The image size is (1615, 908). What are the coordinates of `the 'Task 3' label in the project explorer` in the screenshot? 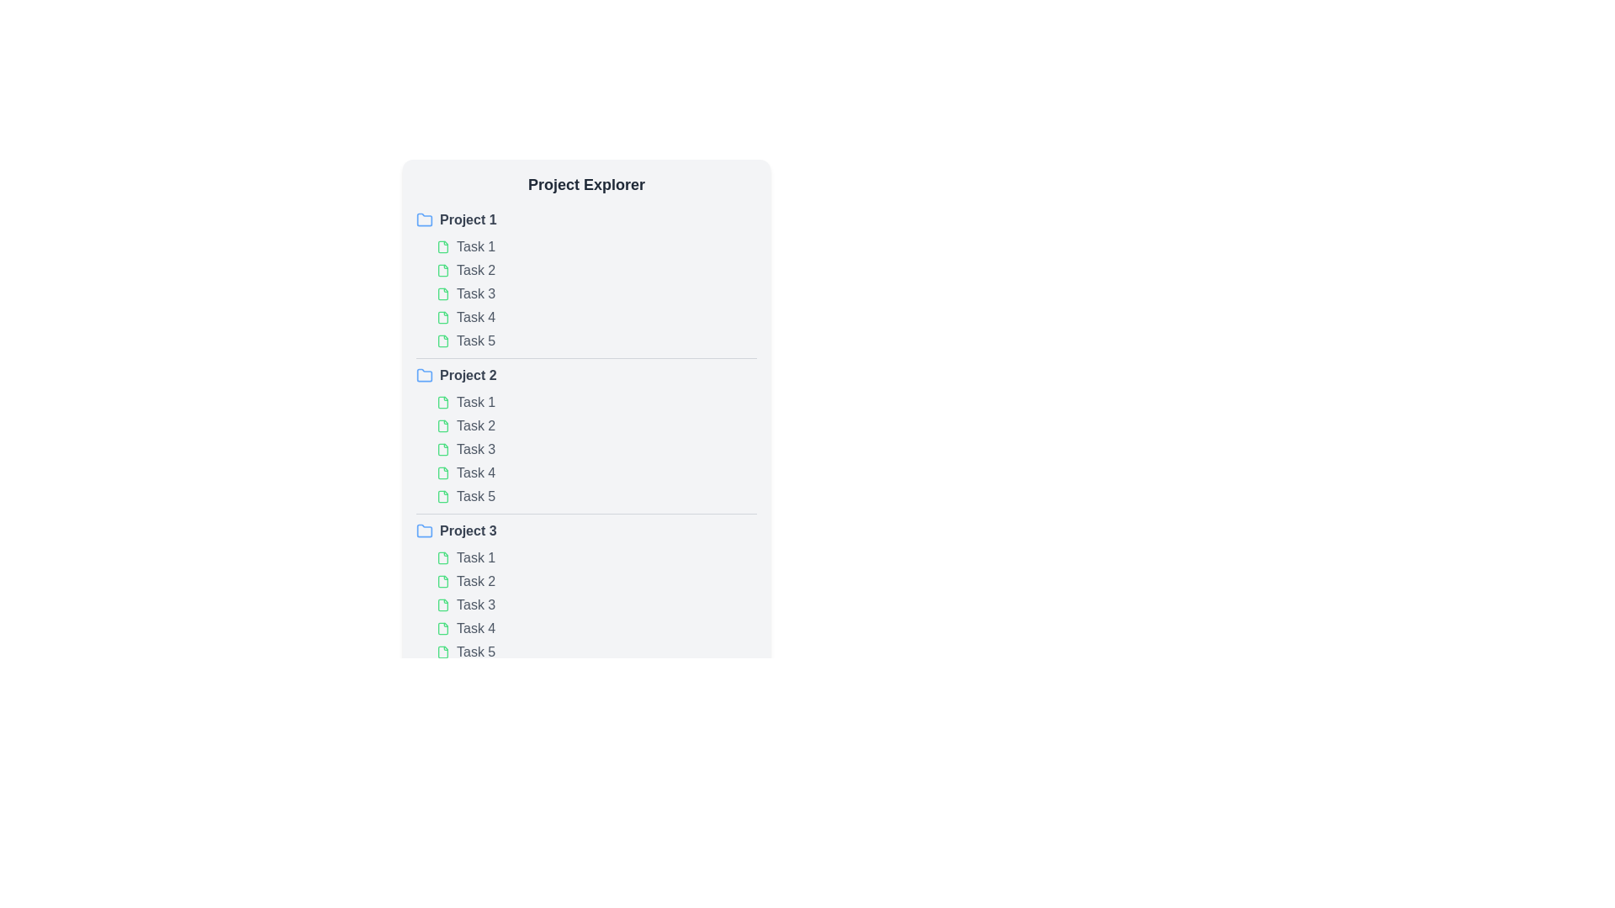 It's located at (475, 293).